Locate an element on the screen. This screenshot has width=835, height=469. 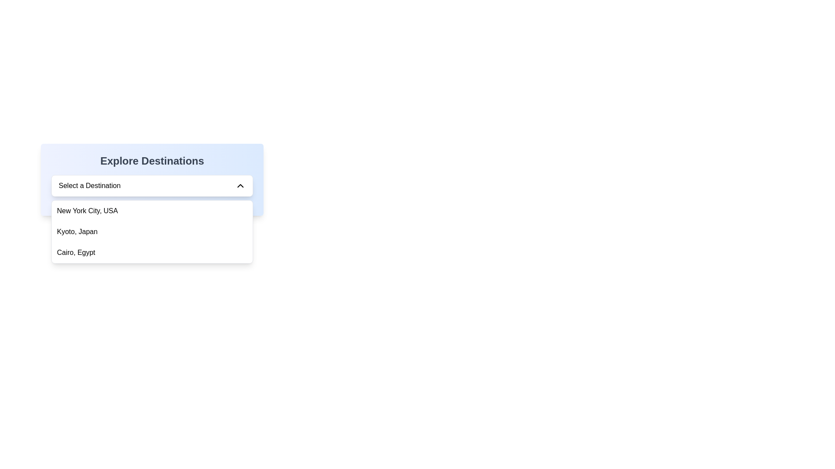
the dropdown menu labeled 'Select a Destination' is located at coordinates (152, 185).